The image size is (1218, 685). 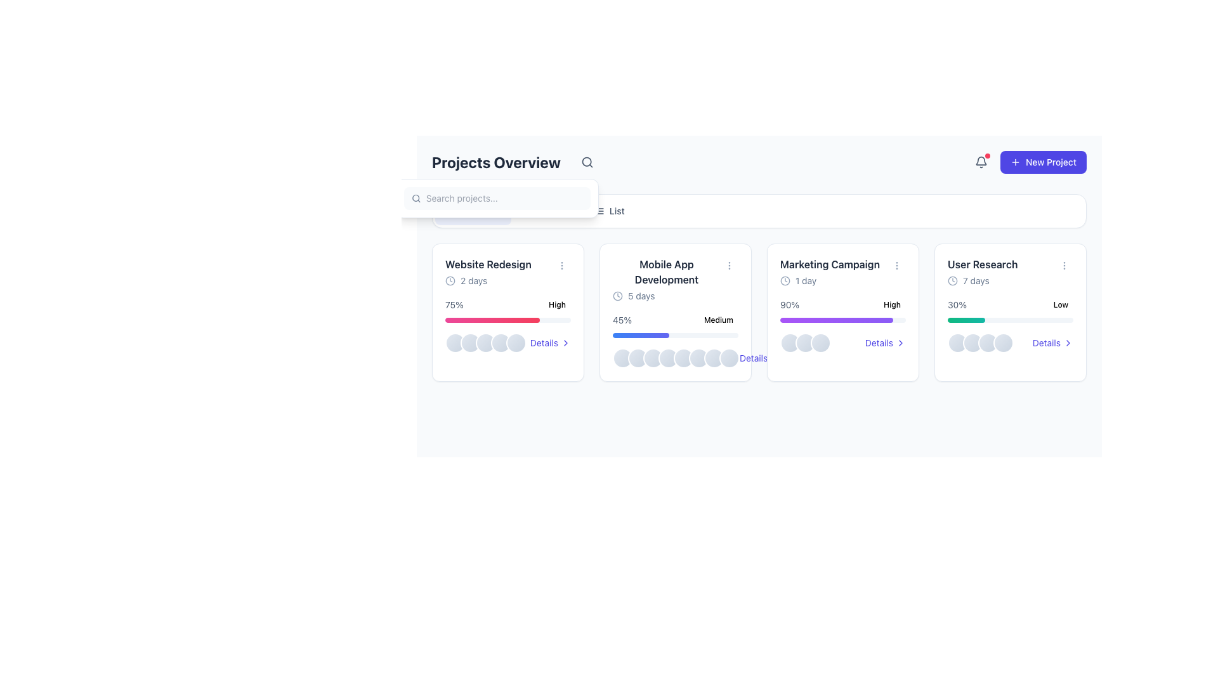 What do you see at coordinates (508, 310) in the screenshot?
I see `percentage displayed on the Progress indicator for the 'Website Redesign' project located in the first column of the project overview dashboard, beneath the task name and due date` at bounding box center [508, 310].